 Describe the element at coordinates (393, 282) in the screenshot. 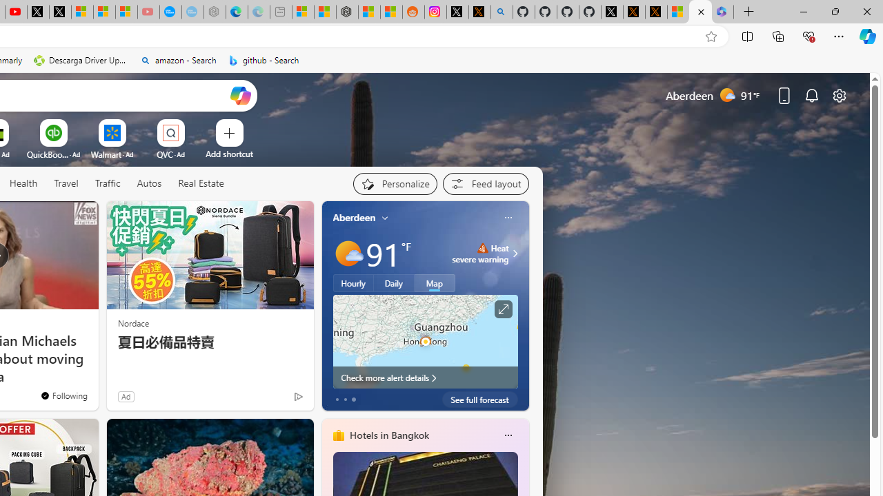

I see `'Daily'` at that location.